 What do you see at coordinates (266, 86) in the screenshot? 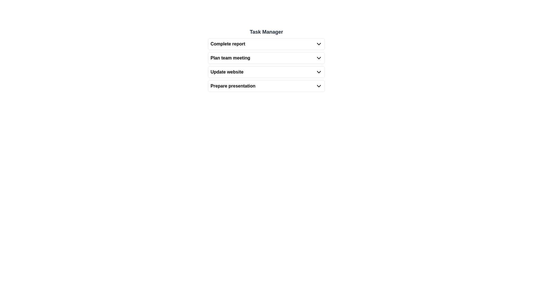
I see `the 'Prepare presentation' dropdown menu item, which is the fourth option in the list` at bounding box center [266, 86].